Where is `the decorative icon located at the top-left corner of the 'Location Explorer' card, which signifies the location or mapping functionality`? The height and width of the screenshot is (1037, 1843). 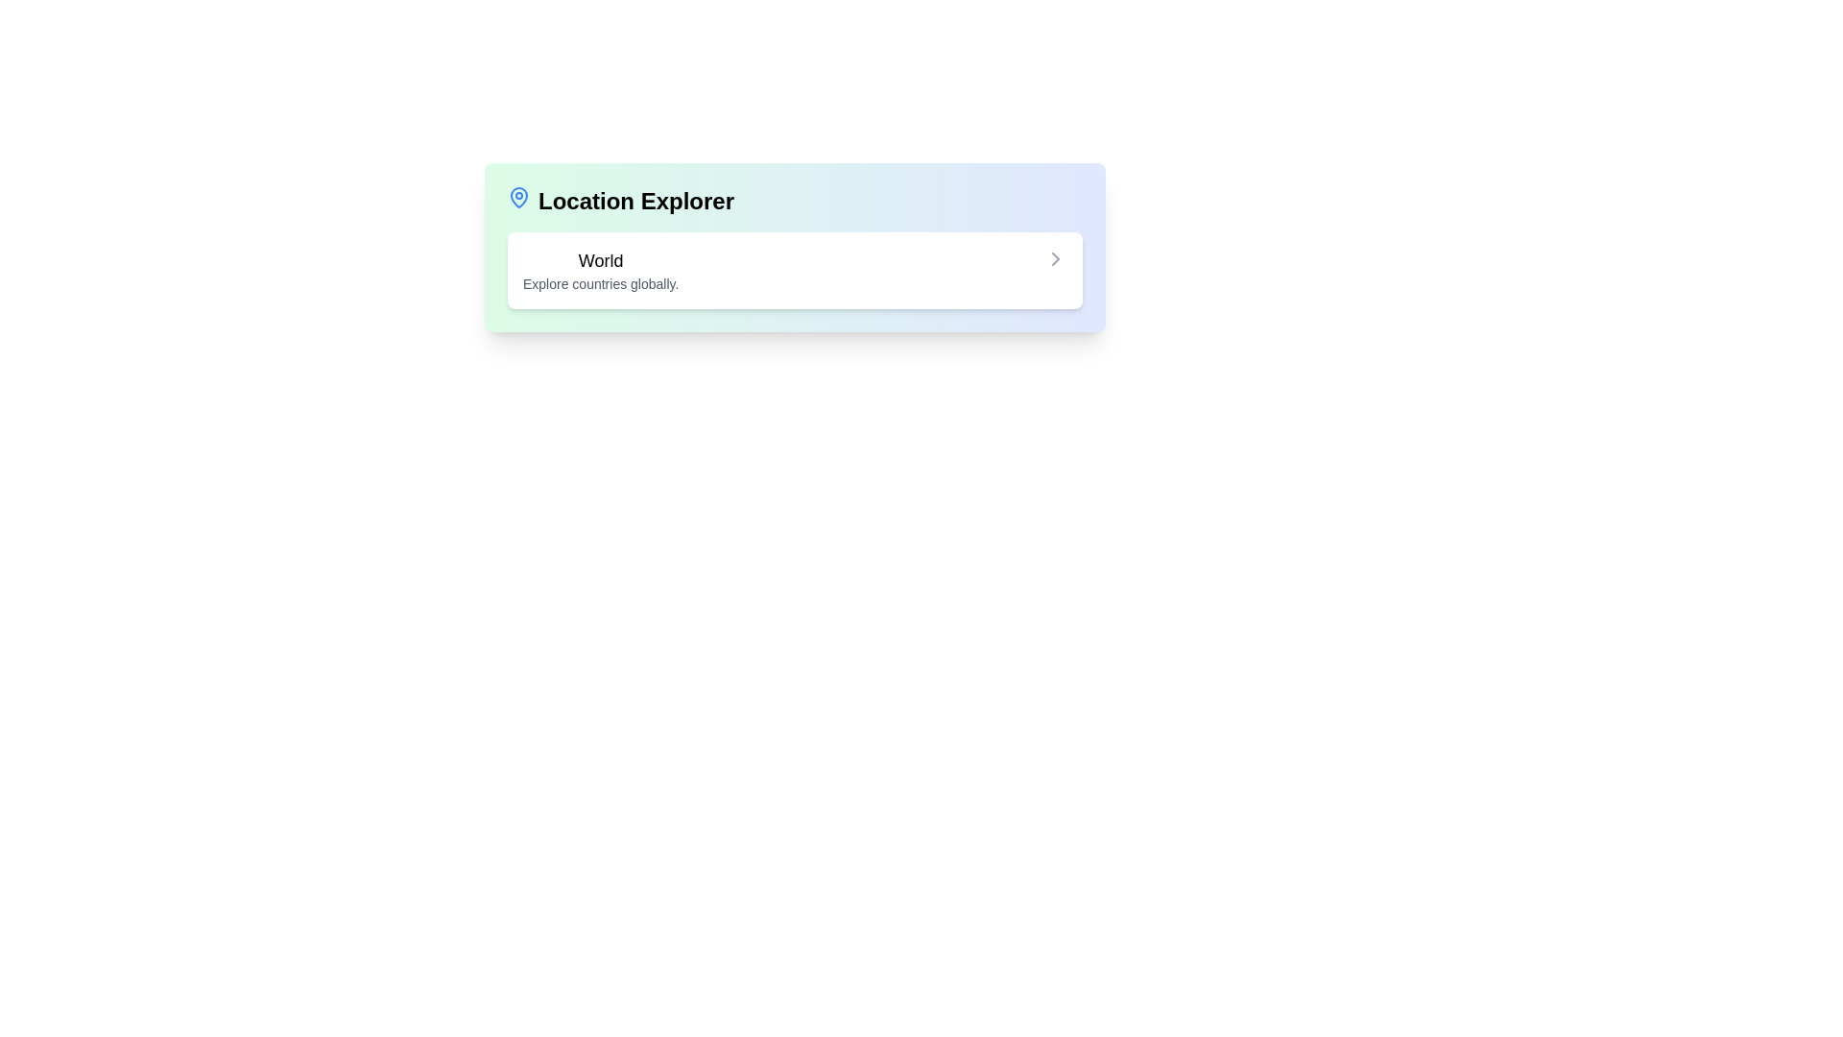
the decorative icon located at the top-left corner of the 'Location Explorer' card, which signifies the location or mapping functionality is located at coordinates (519, 197).